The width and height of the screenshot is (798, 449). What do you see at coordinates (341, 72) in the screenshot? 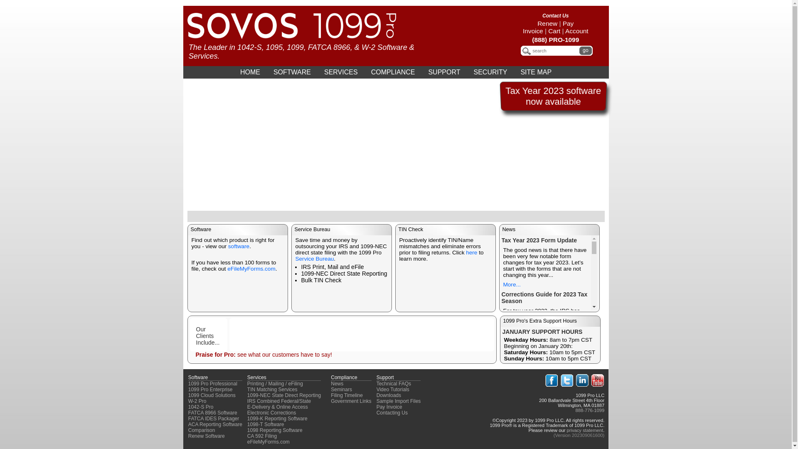
I see `'SERVICES'` at bounding box center [341, 72].